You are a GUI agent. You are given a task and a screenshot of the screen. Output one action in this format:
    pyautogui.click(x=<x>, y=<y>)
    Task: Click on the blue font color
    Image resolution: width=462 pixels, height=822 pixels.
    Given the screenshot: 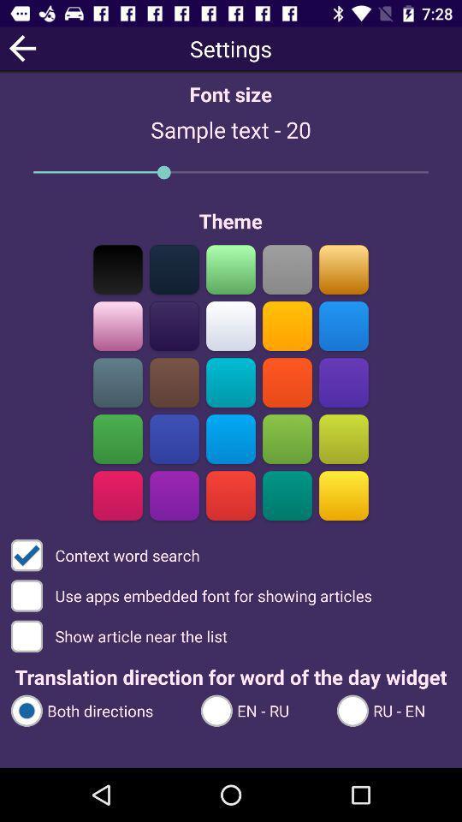 What is the action you would take?
    pyautogui.click(x=343, y=325)
    